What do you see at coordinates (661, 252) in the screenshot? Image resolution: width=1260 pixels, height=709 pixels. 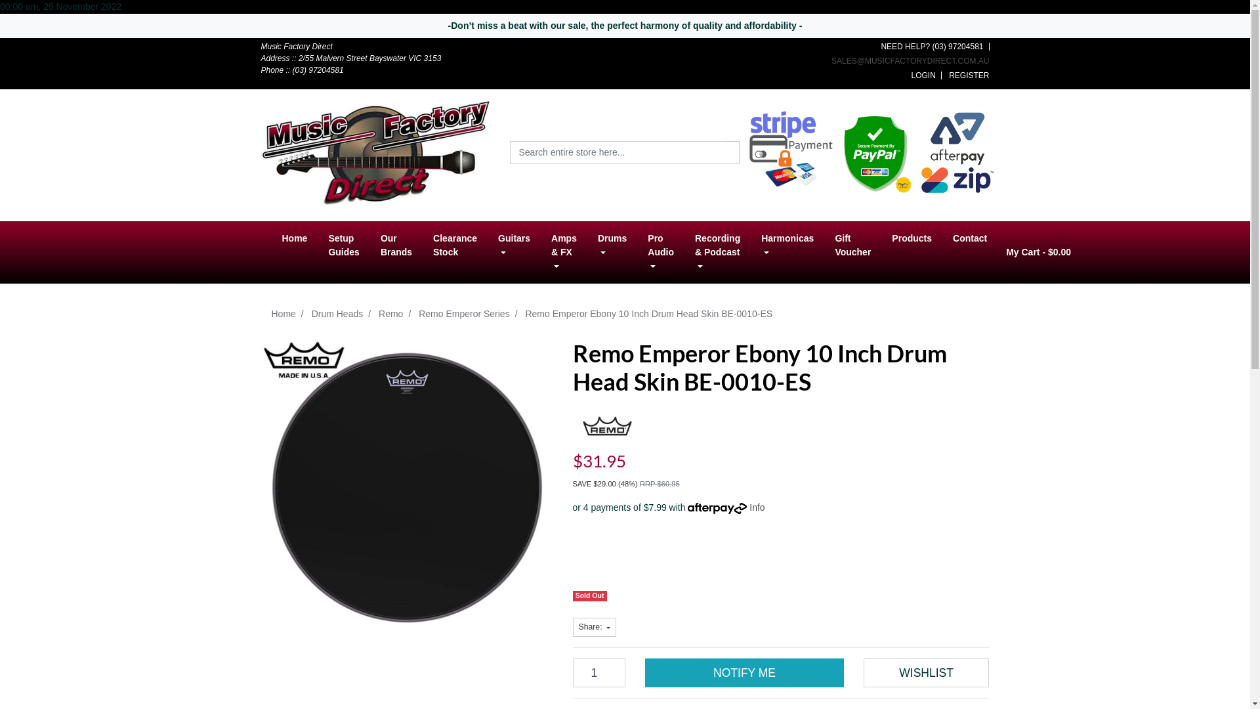 I see `'Pro Audio'` at bounding box center [661, 252].